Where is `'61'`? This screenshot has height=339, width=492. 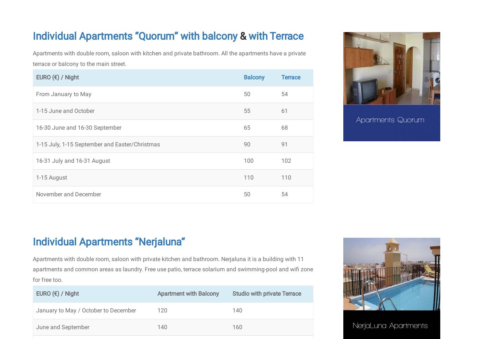
'61' is located at coordinates (284, 110).